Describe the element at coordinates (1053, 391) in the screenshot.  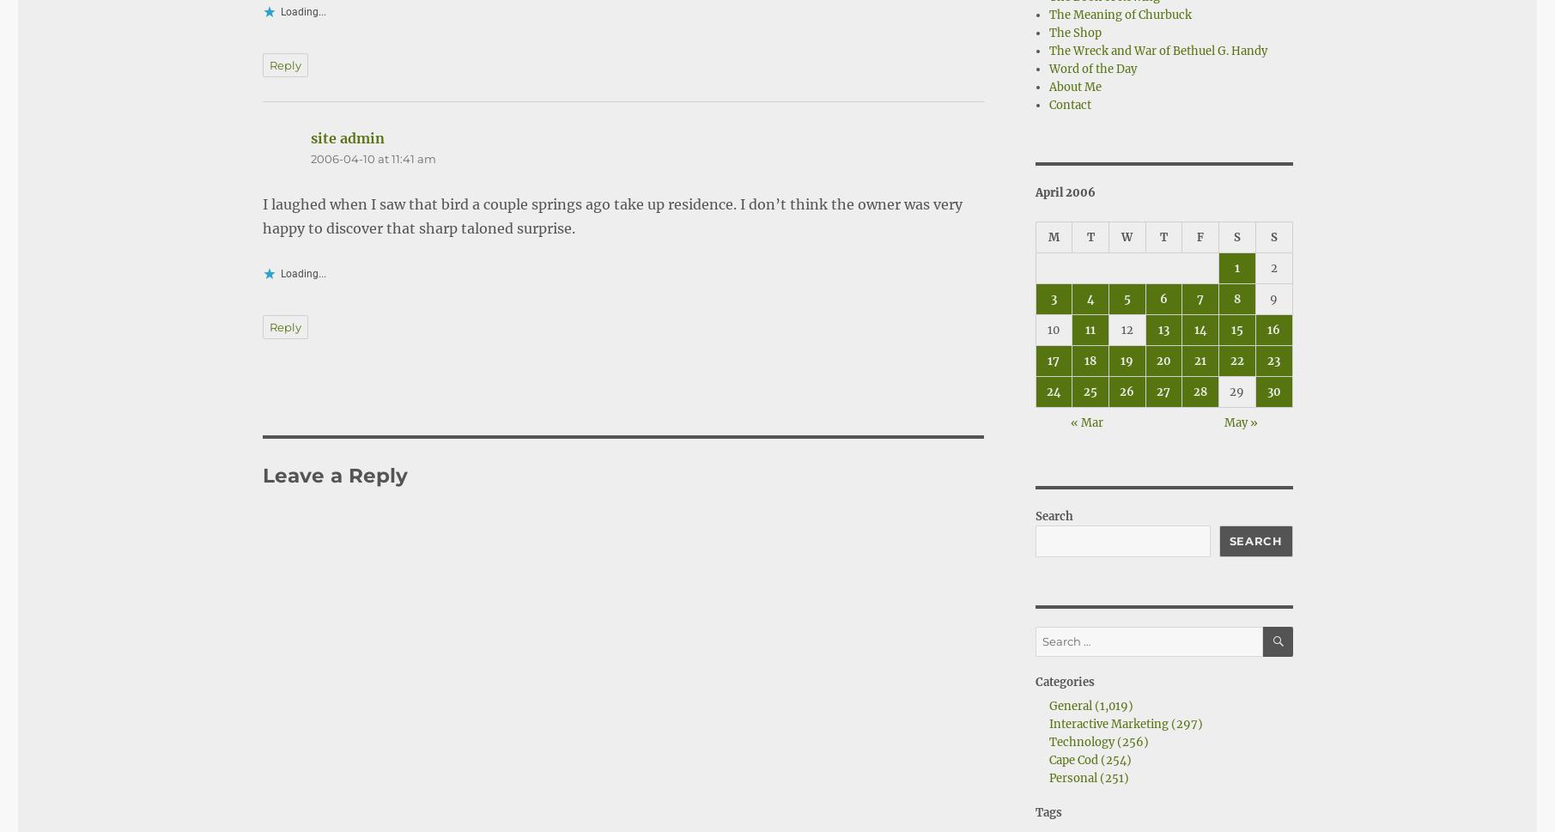
I see `'24'` at that location.